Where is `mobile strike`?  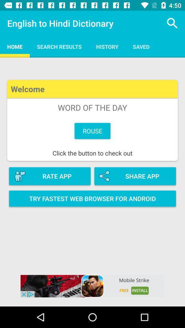 mobile strike is located at coordinates (92, 286).